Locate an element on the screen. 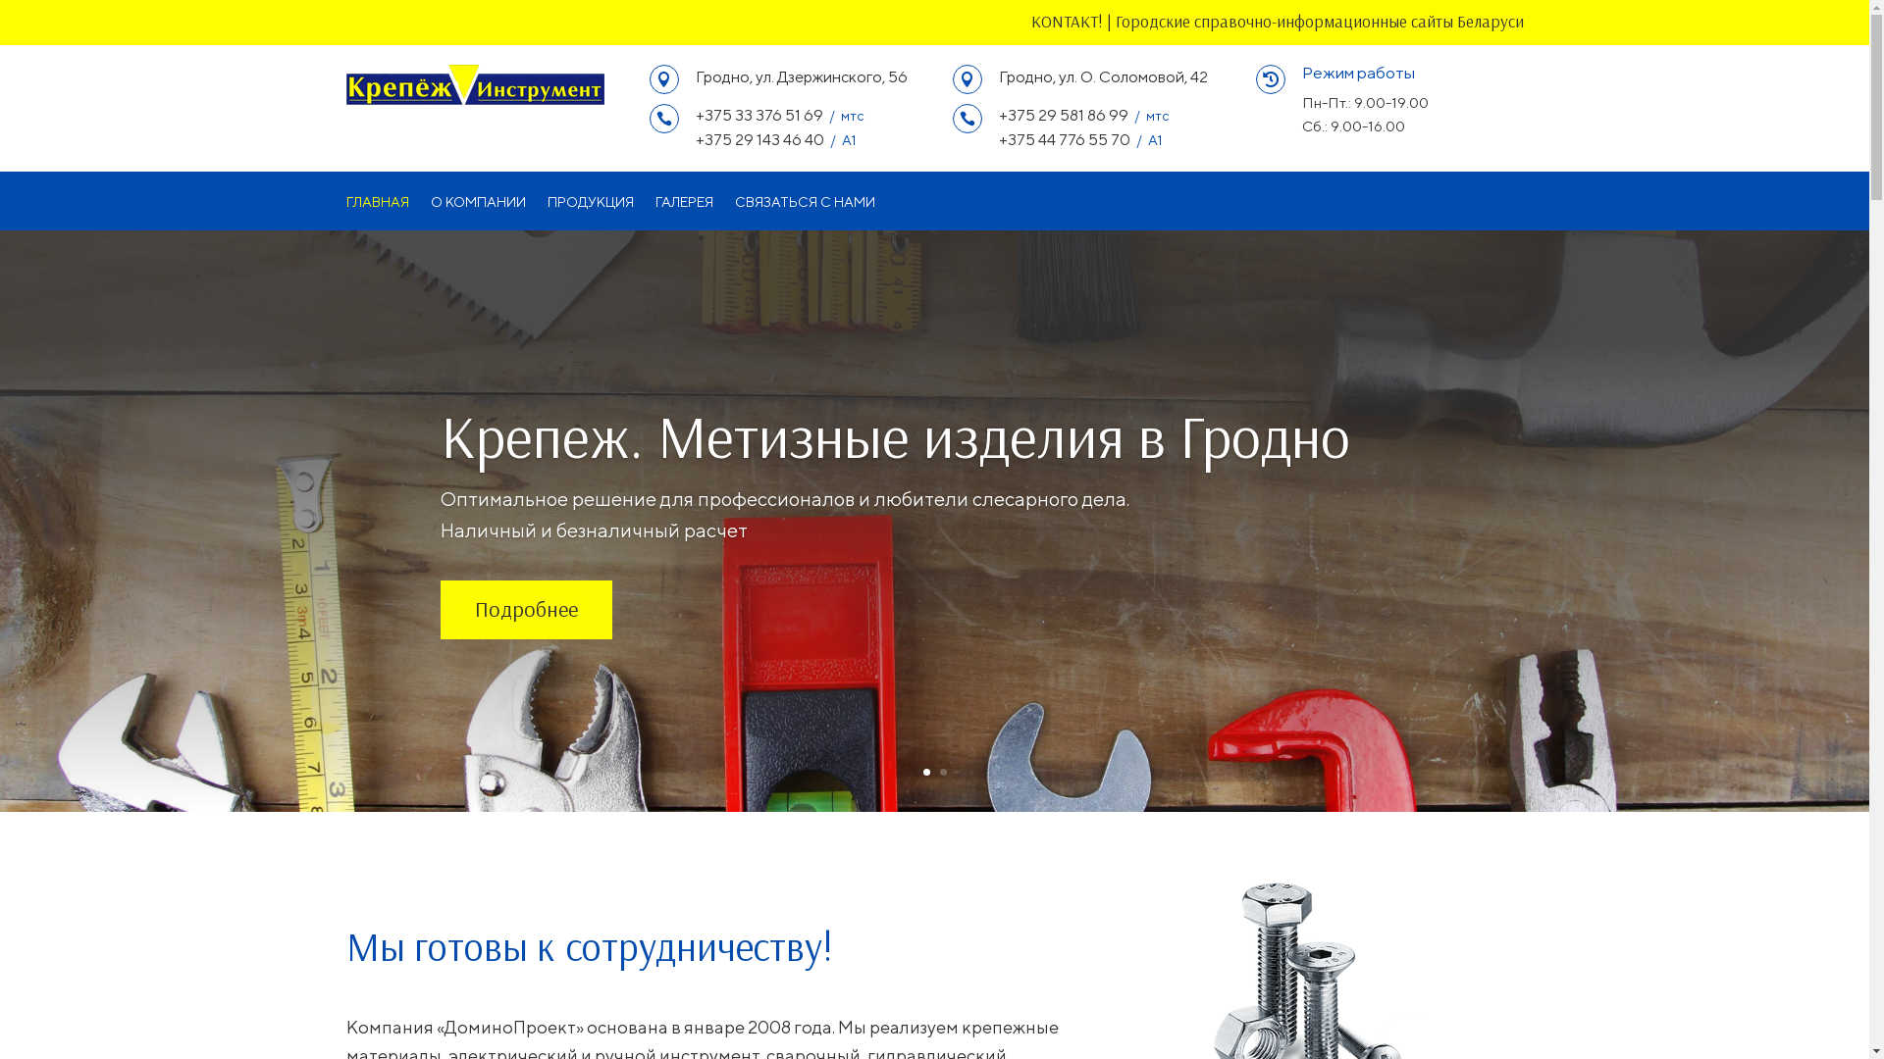 This screenshot has width=1884, height=1059. '2' is located at coordinates (943, 771).